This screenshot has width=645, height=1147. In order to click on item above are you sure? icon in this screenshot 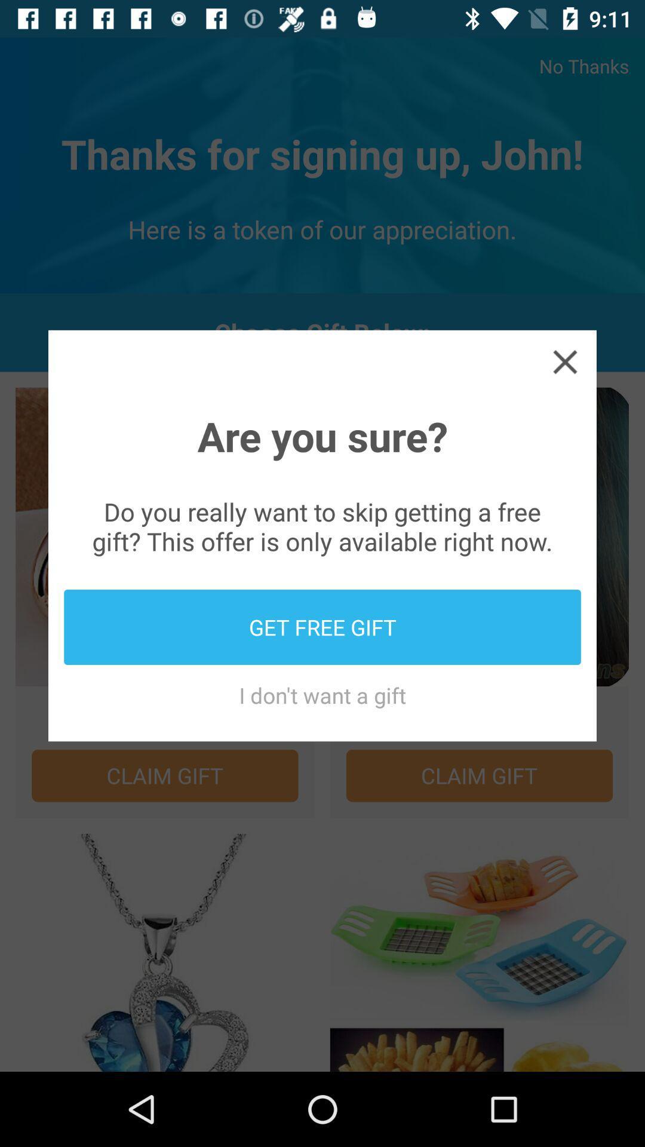, I will do `click(564, 361)`.